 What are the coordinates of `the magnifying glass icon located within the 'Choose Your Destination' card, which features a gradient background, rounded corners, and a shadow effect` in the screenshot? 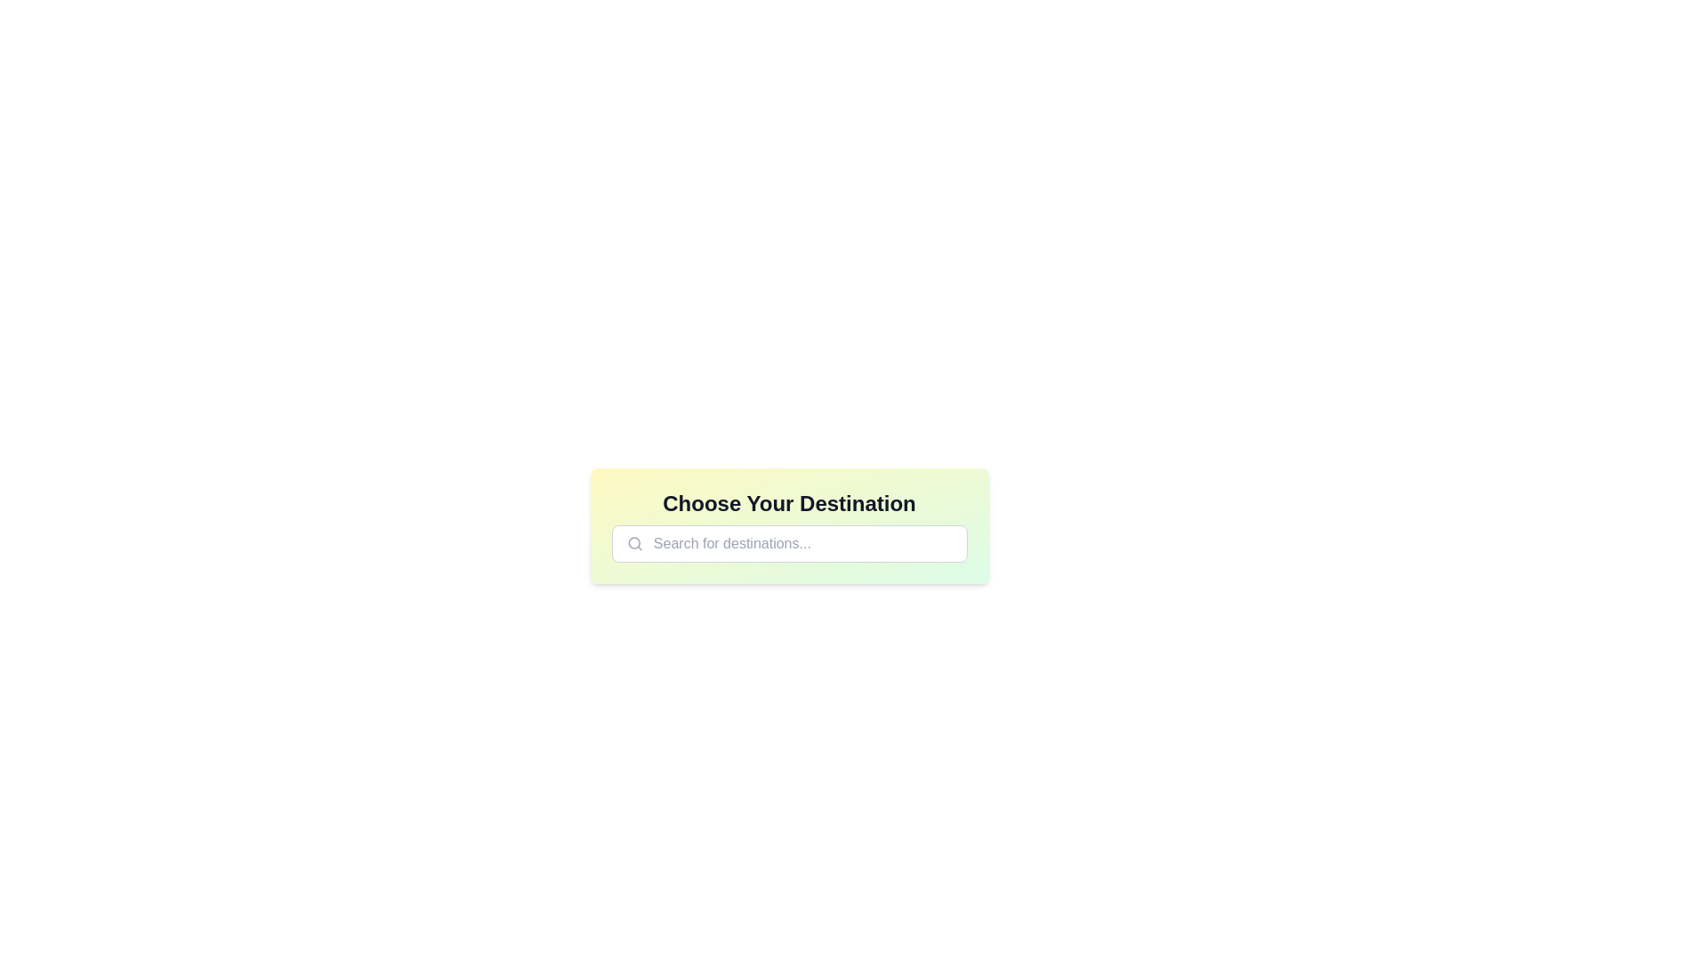 It's located at (788, 524).